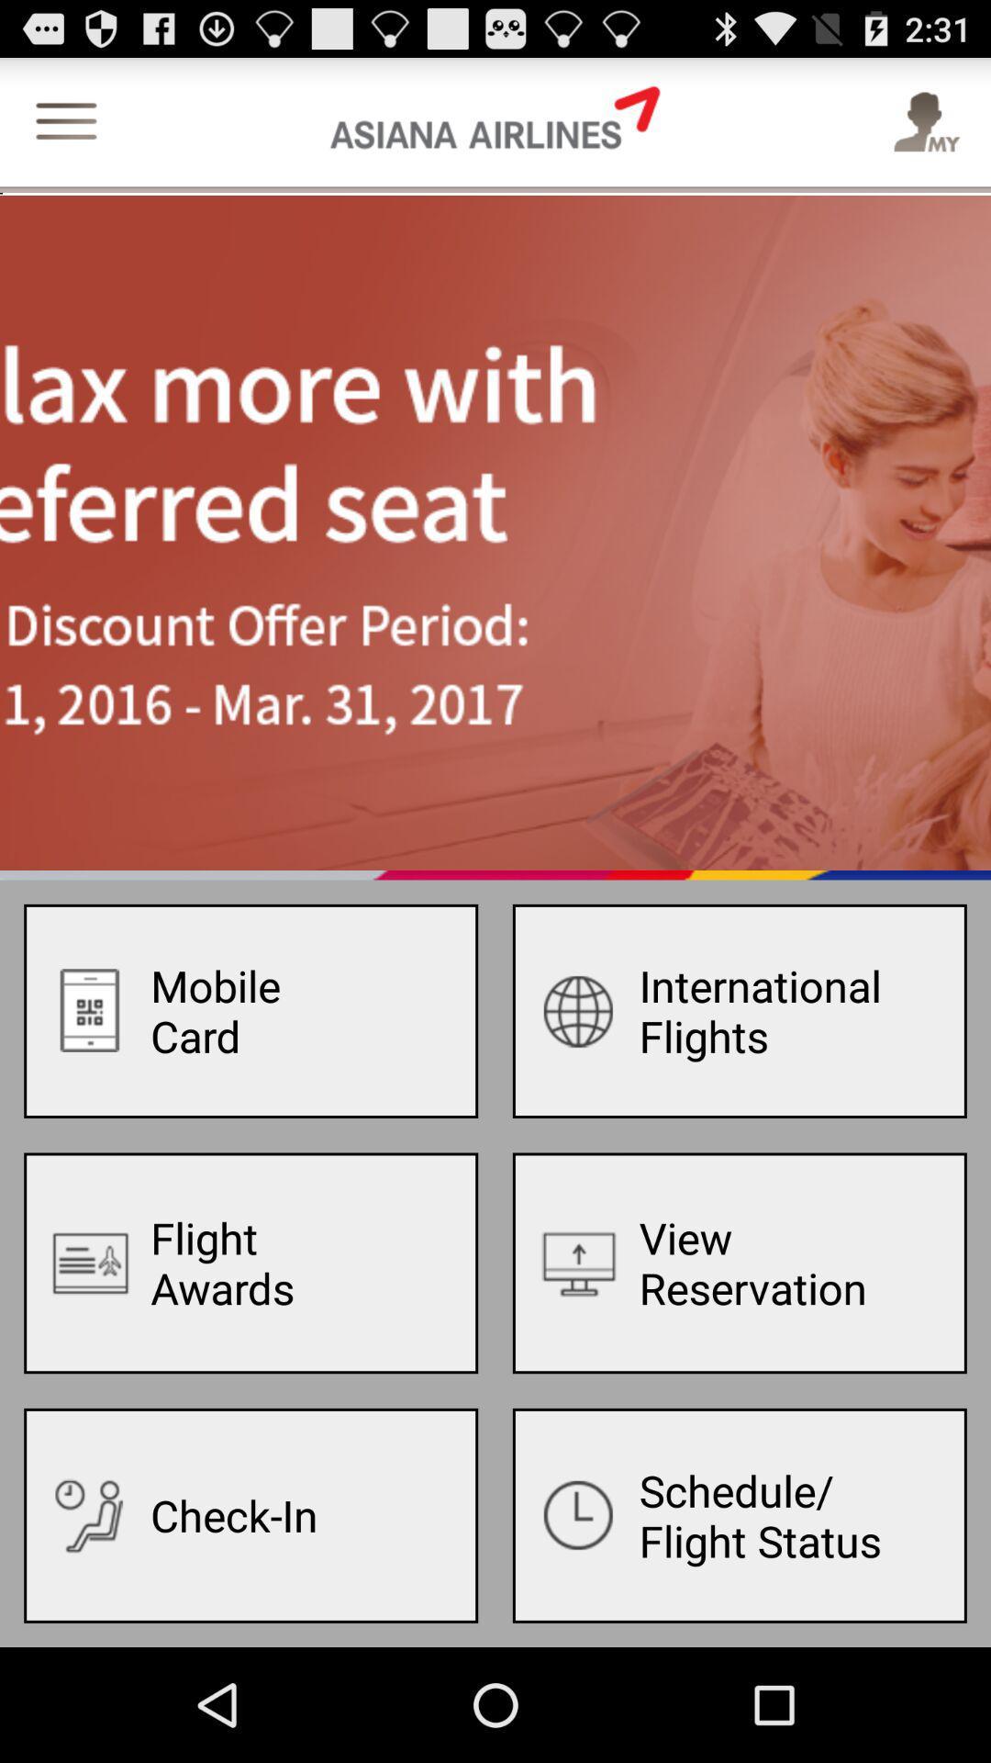  I want to click on the menu icon, so click(65, 132).